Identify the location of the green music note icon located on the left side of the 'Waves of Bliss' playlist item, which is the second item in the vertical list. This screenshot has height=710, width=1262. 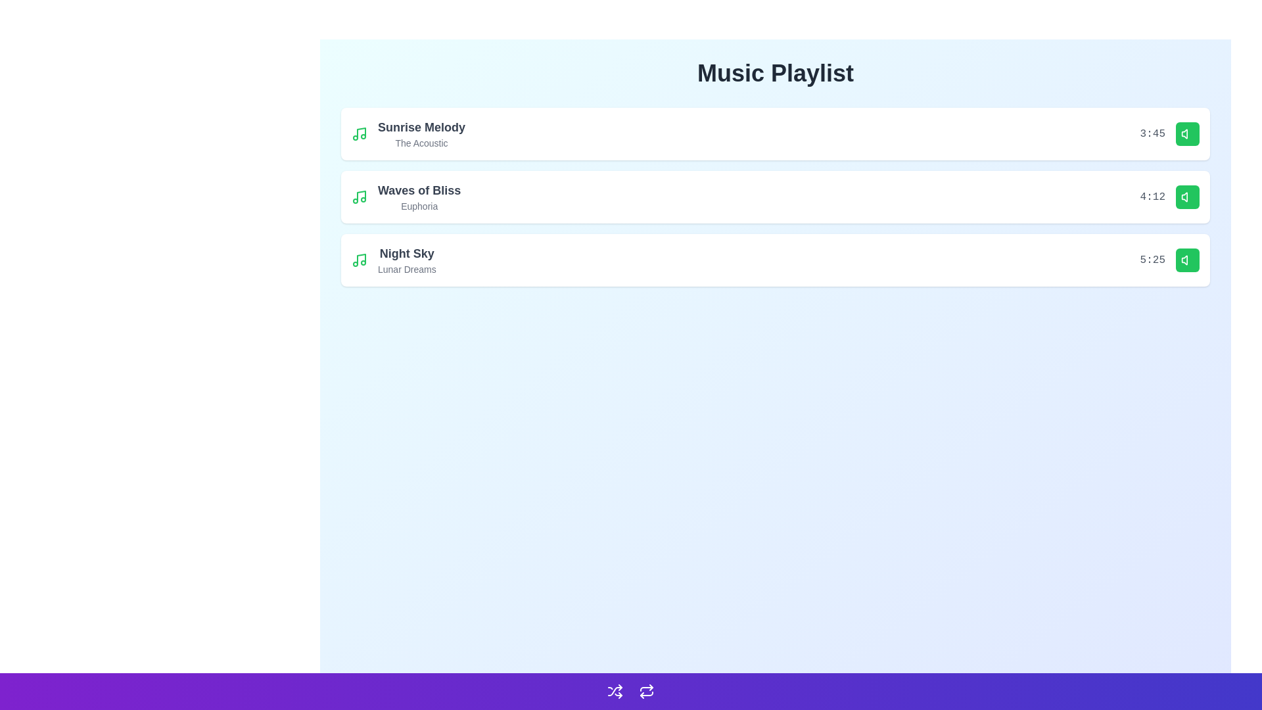
(360, 197).